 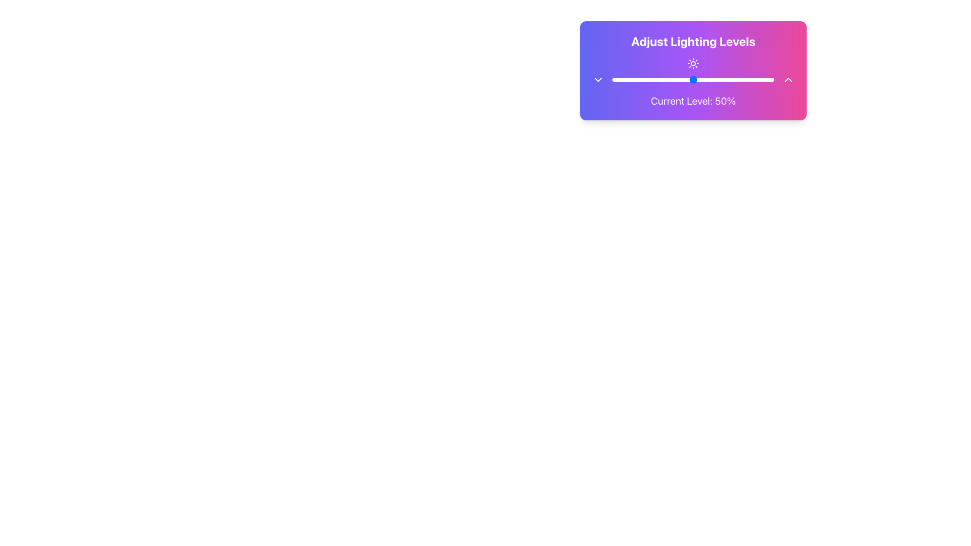 I want to click on the lighting level, so click(x=659, y=79).